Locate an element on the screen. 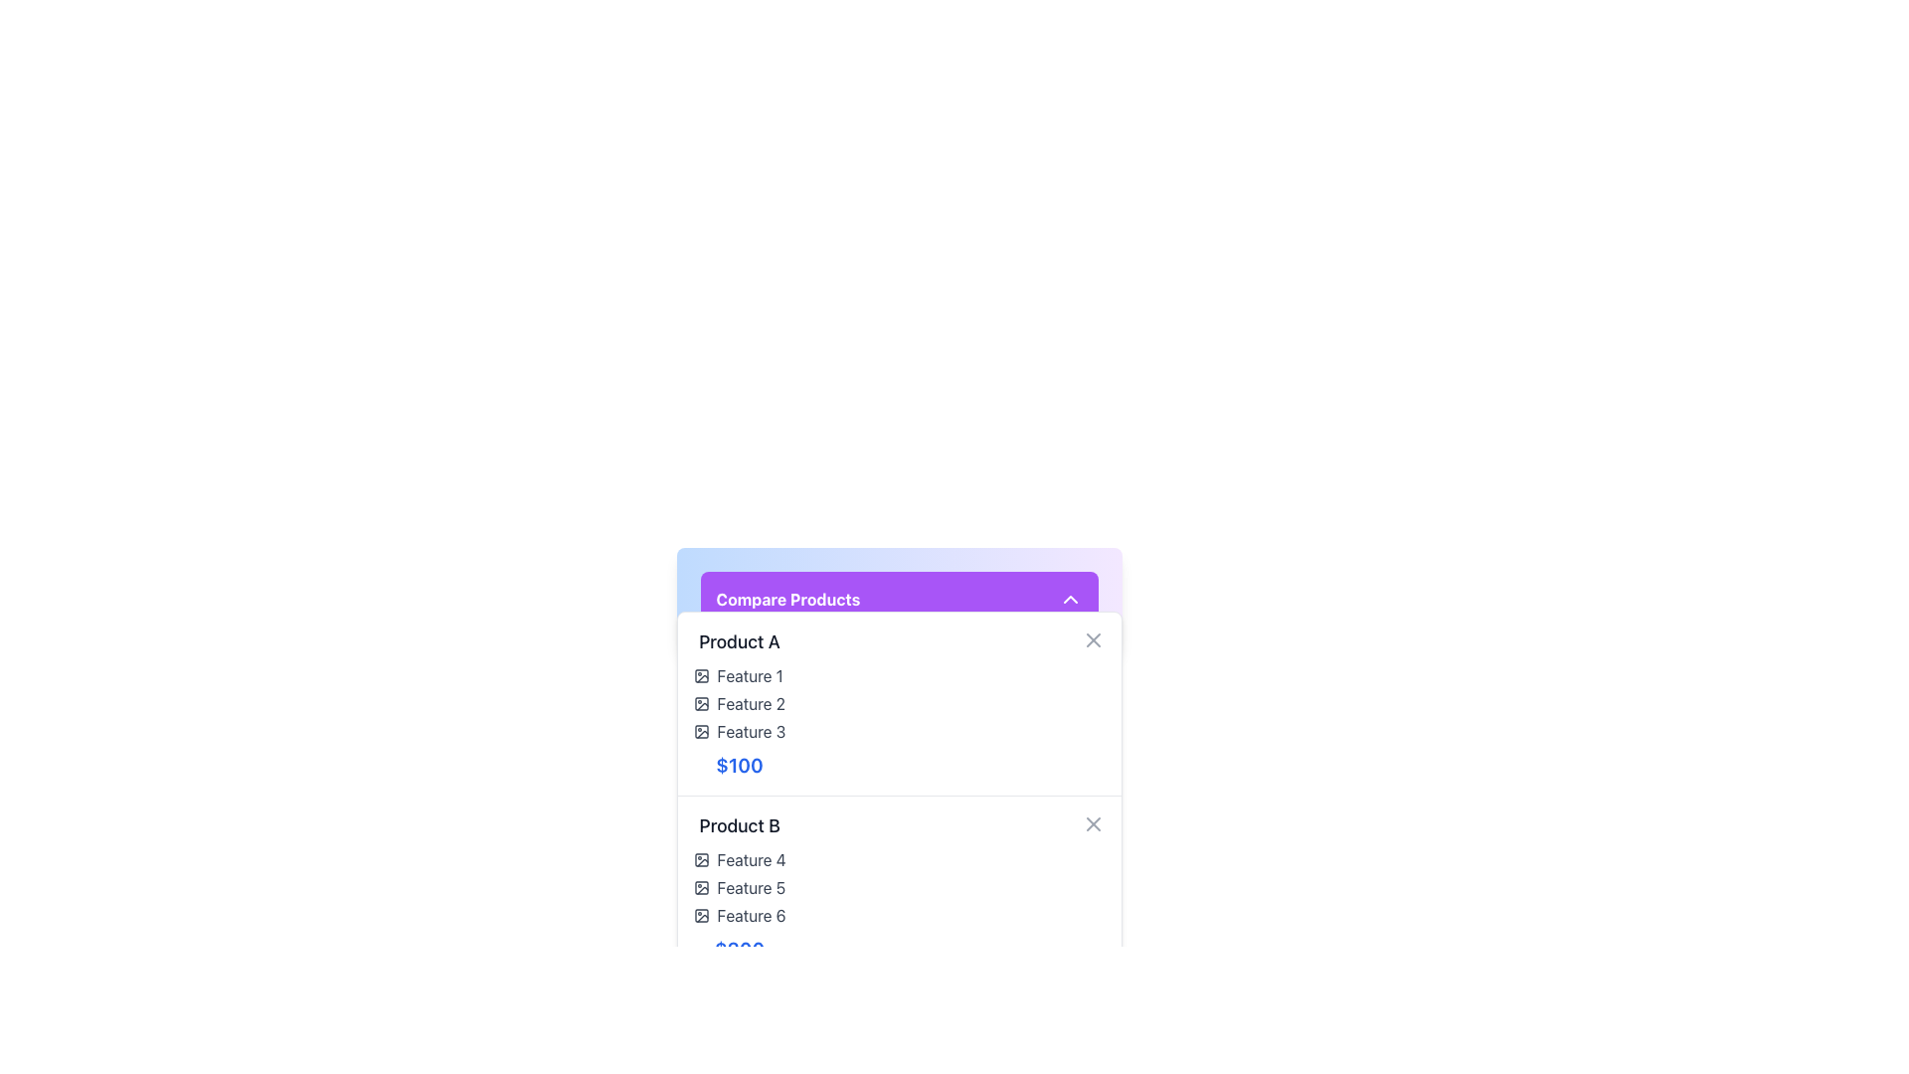  the 'X' icon button (Close/Remove) located in the top-right corner of the 'Product A' card to change its color is located at coordinates (1092, 640).